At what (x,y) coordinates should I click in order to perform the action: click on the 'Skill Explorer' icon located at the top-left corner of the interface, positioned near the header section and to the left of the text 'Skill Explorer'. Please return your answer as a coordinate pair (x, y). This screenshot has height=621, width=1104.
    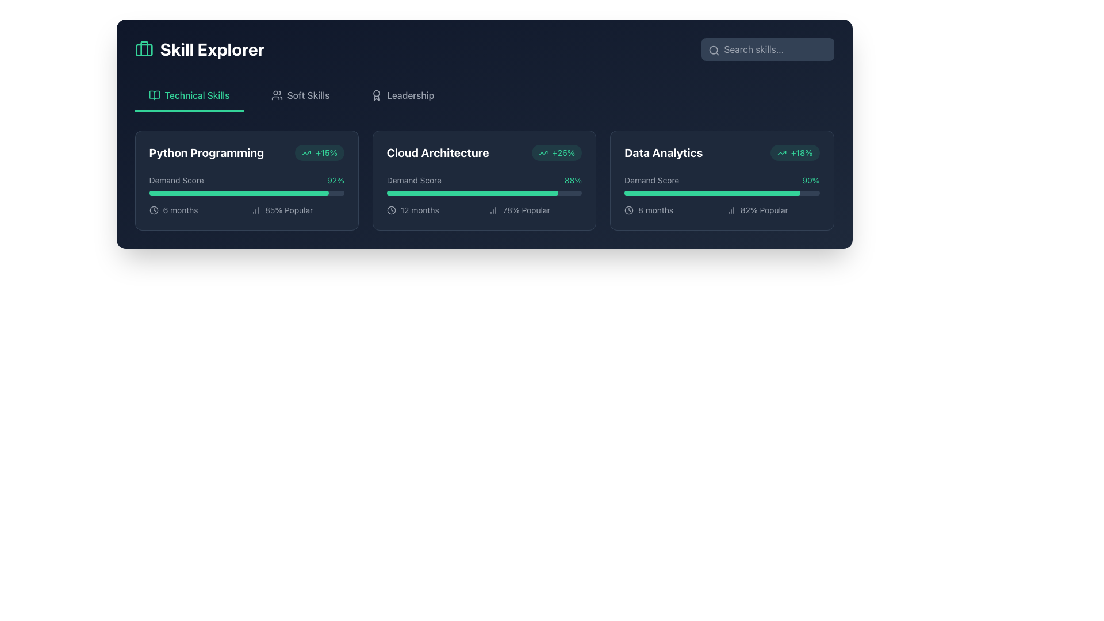
    Looking at the image, I should click on (143, 48).